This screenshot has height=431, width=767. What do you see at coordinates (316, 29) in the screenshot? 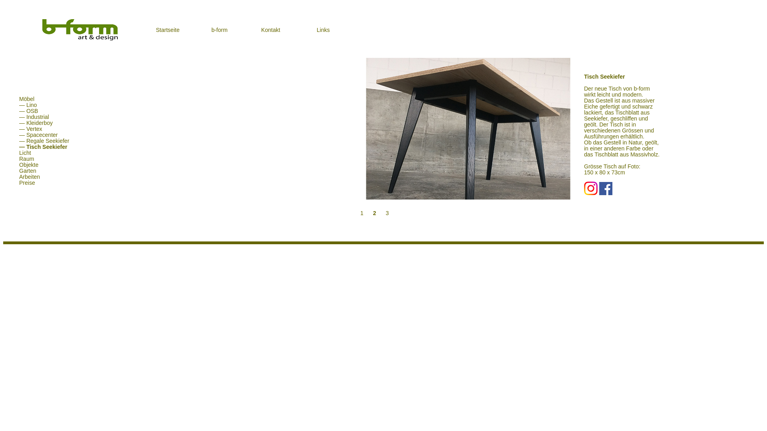
I see `'Links'` at bounding box center [316, 29].